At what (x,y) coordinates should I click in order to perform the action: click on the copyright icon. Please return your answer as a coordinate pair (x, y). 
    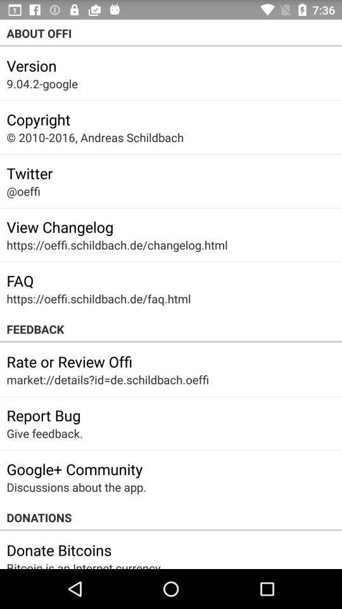
    Looking at the image, I should click on (38, 119).